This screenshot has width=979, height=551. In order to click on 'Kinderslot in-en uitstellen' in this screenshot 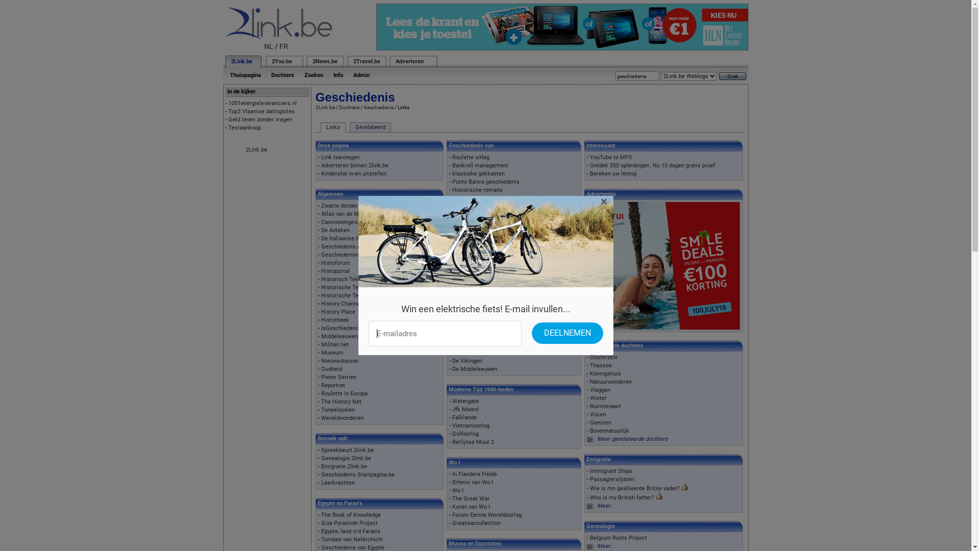, I will do `click(354, 173)`.